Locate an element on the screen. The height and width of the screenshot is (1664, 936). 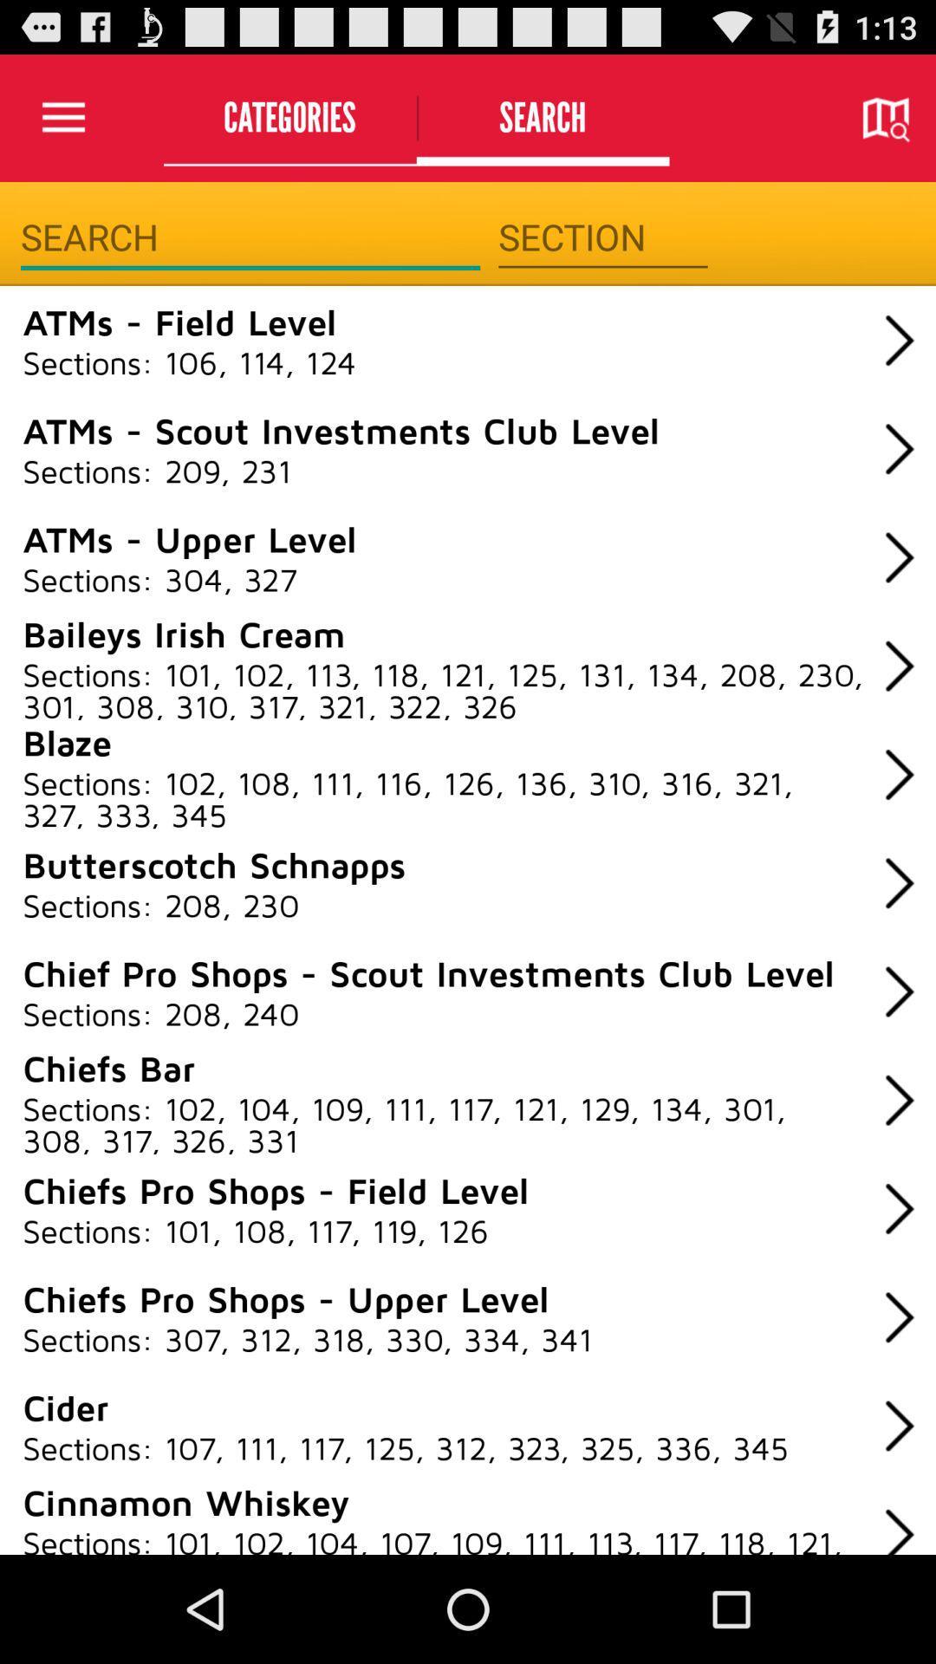
item to the left of categories icon is located at coordinates (62, 117).